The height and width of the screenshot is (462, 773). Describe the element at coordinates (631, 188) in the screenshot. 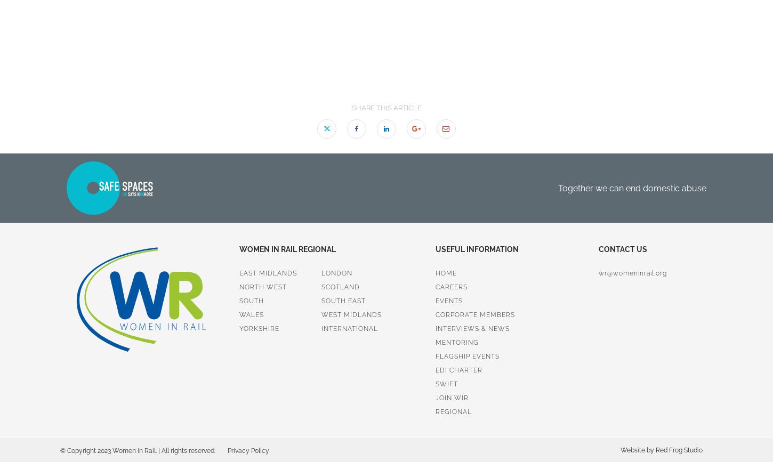

I see `'Together we can end domestic abuse'` at that location.